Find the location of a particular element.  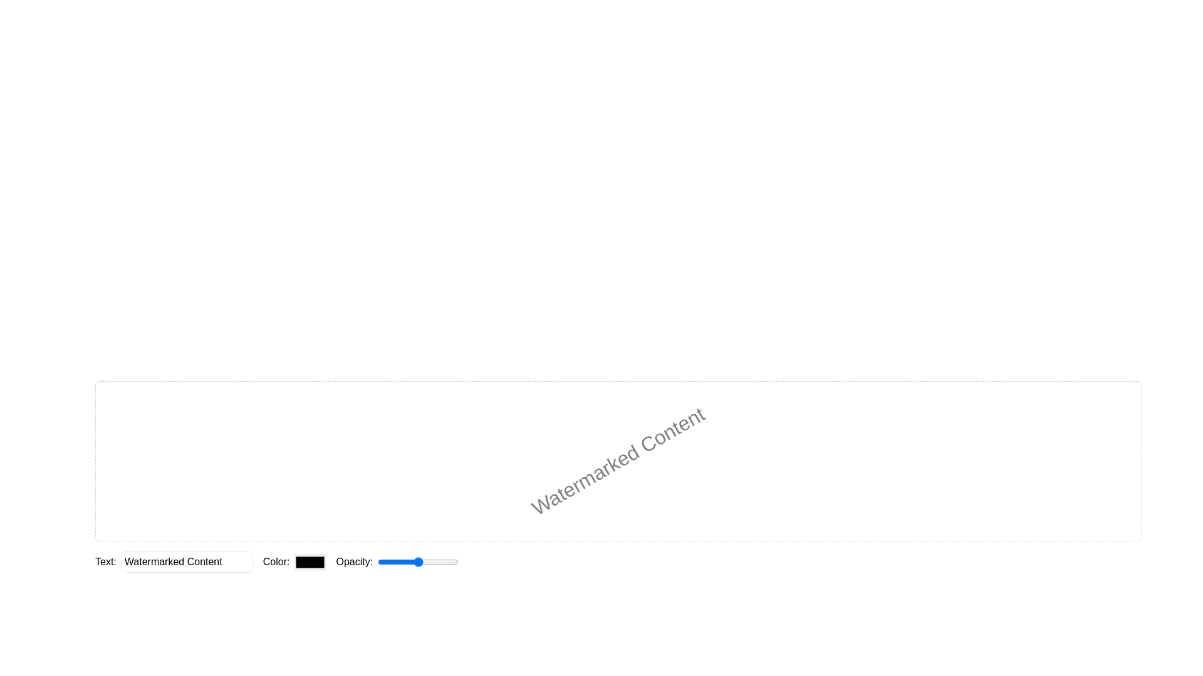

the opacity value is located at coordinates (423, 561).